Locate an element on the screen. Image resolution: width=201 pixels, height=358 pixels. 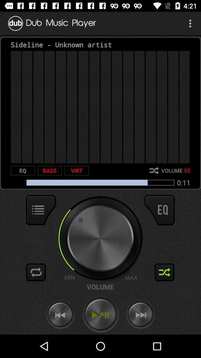
shuffle is located at coordinates (165, 272).